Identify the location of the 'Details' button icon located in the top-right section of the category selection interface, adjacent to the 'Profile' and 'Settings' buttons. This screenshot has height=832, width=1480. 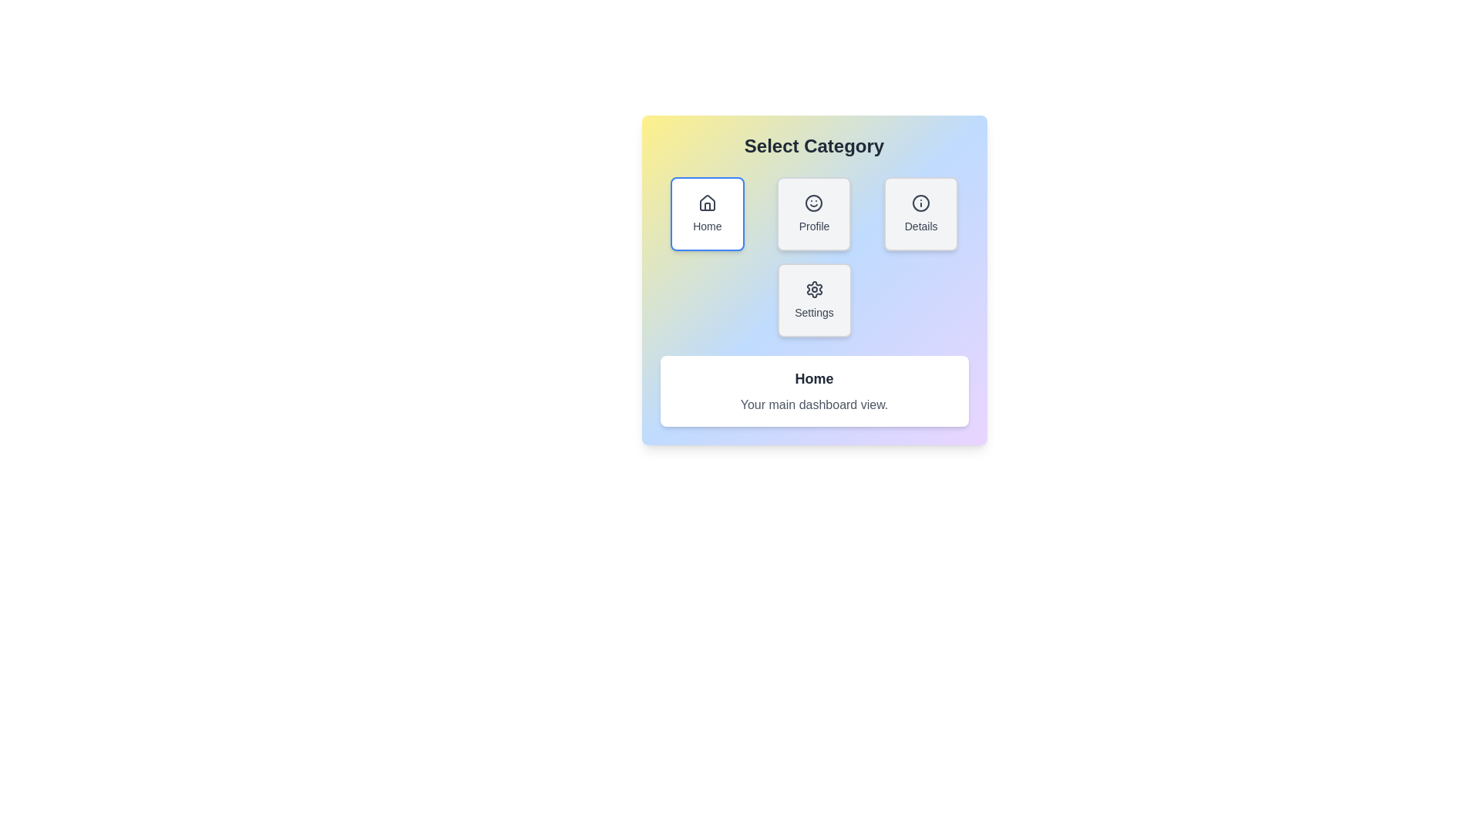
(921, 202).